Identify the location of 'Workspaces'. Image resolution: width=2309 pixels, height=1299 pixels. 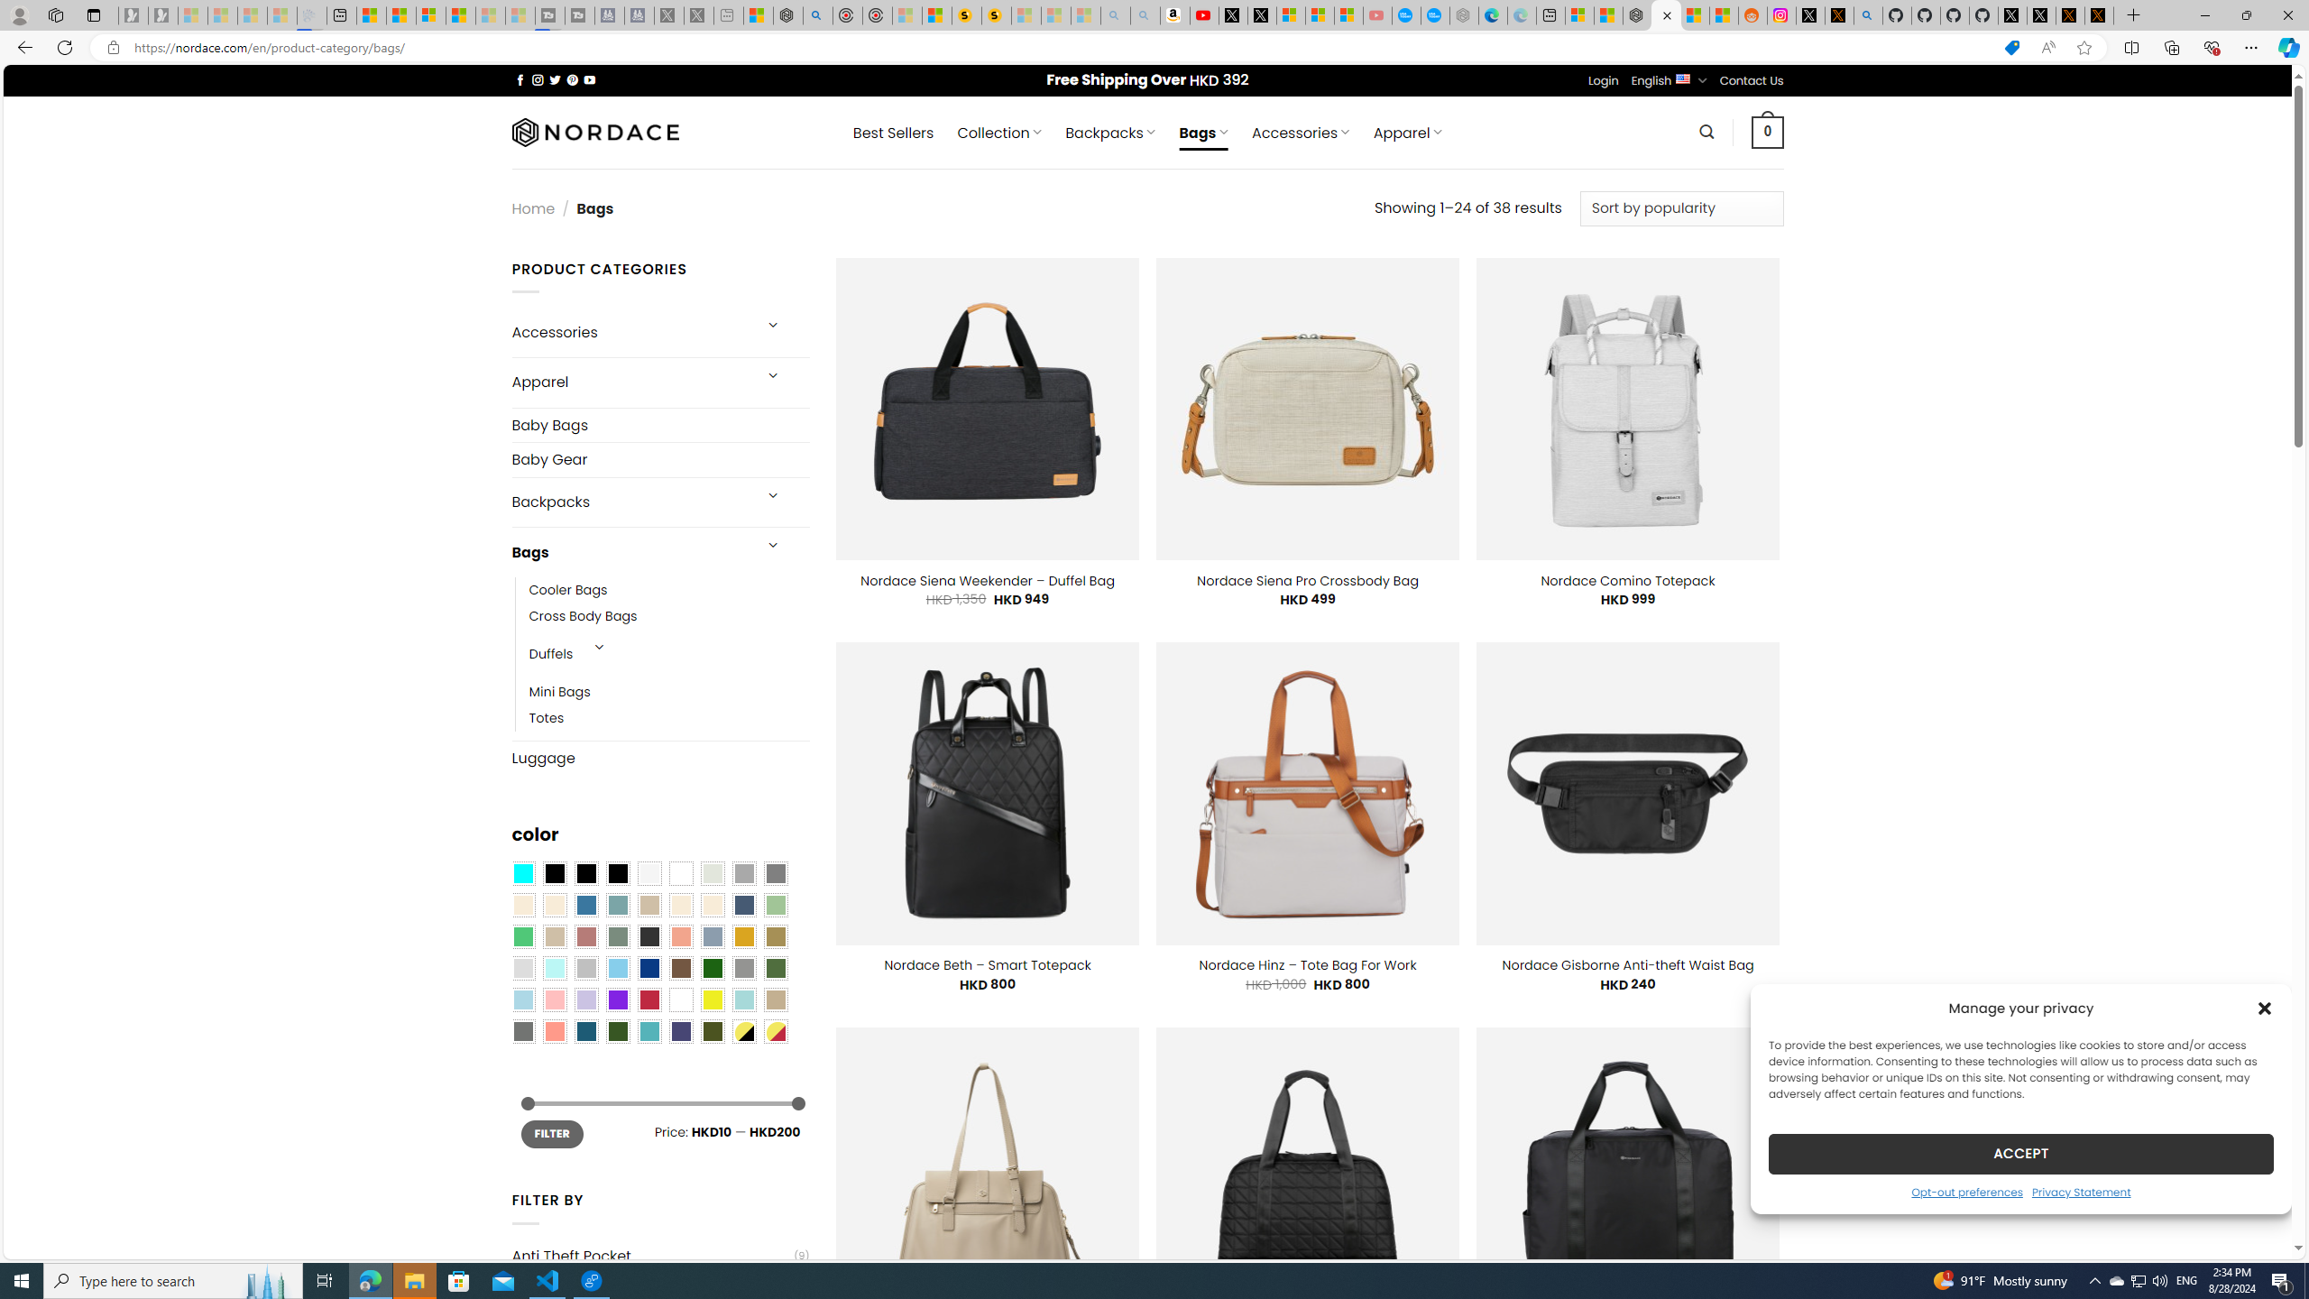
(55, 14).